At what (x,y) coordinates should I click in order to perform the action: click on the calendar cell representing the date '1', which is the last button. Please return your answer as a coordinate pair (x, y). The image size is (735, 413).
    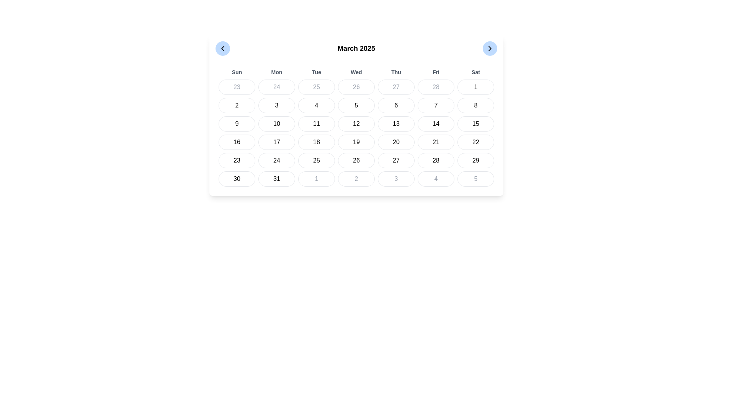
    Looking at the image, I should click on (475, 86).